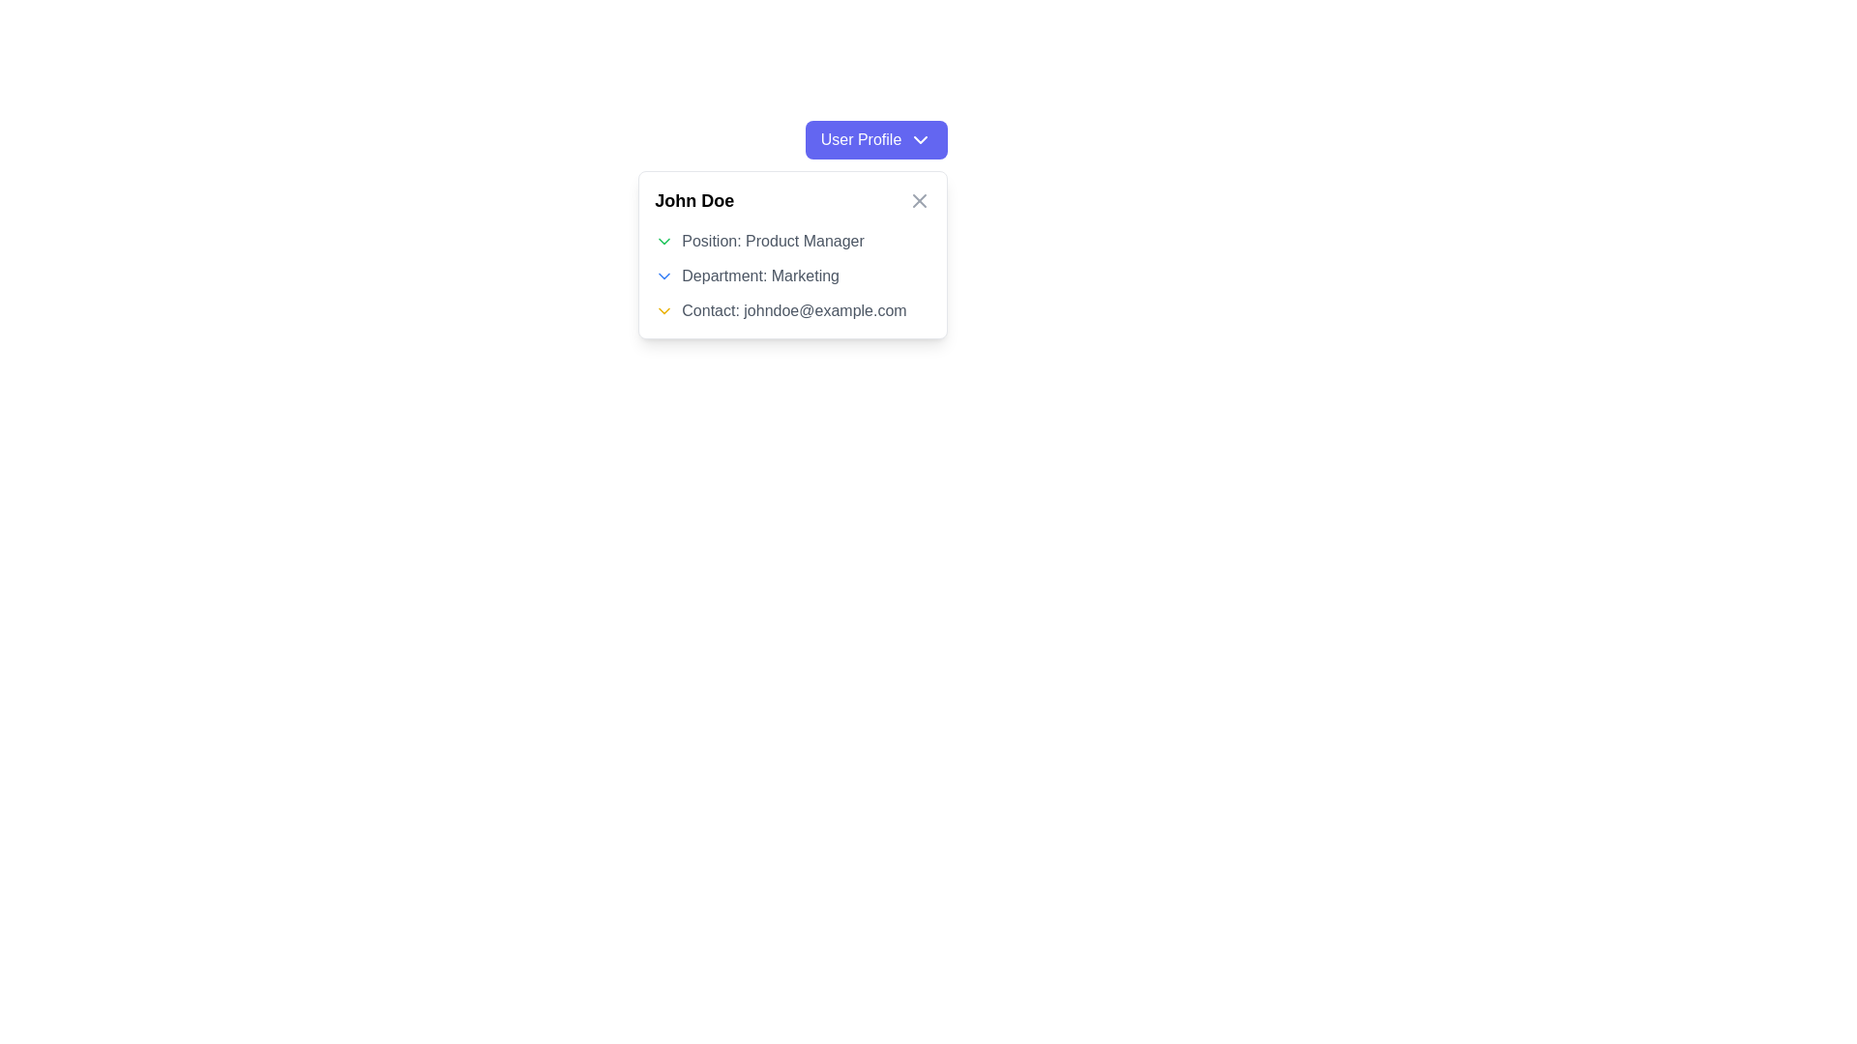 Image resolution: width=1857 pixels, height=1044 pixels. I want to click on contact information displayed in the third row text label with a decorative icon, located below the 'Position: Product Manager' and 'Department: Marketing' labels, so click(793, 309).